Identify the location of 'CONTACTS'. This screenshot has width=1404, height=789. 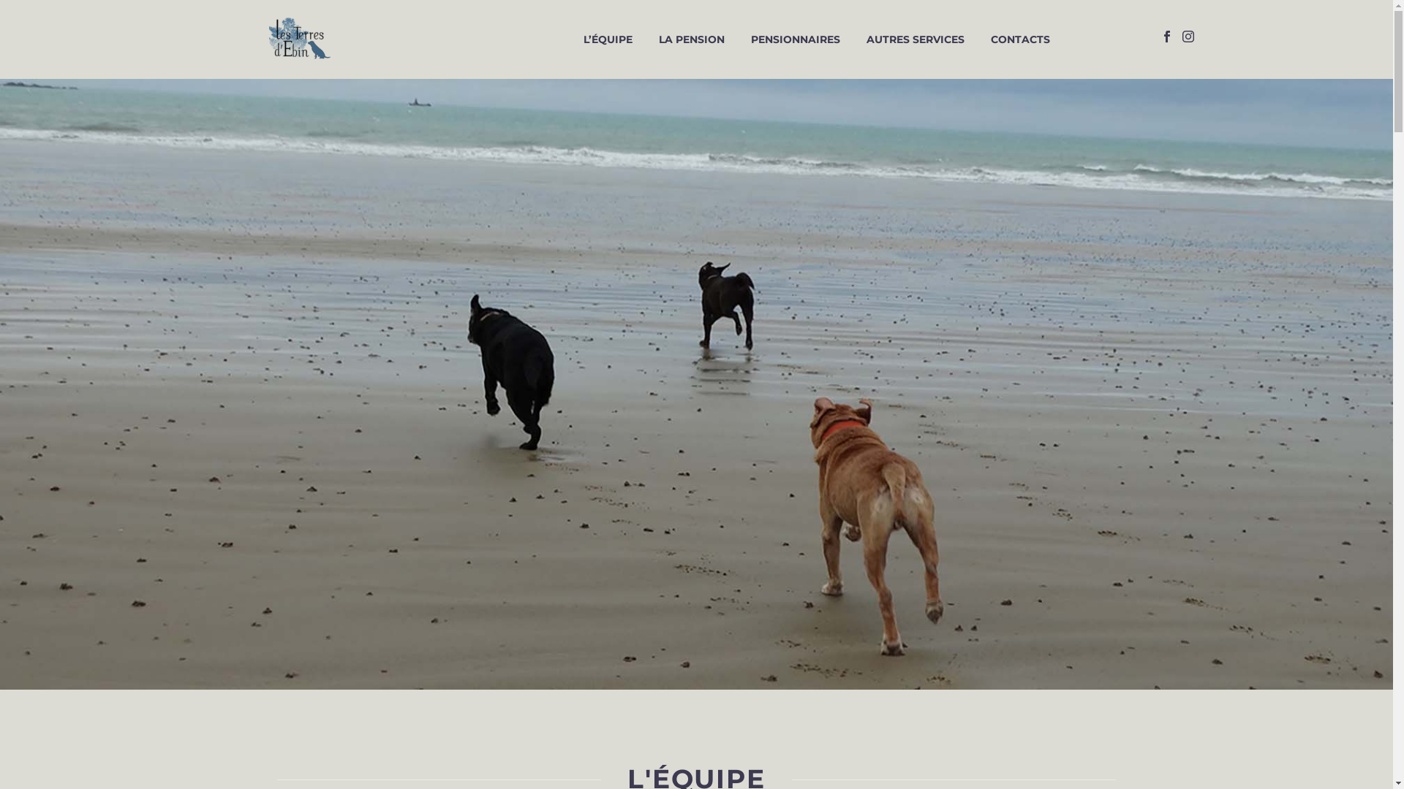
(1019, 39).